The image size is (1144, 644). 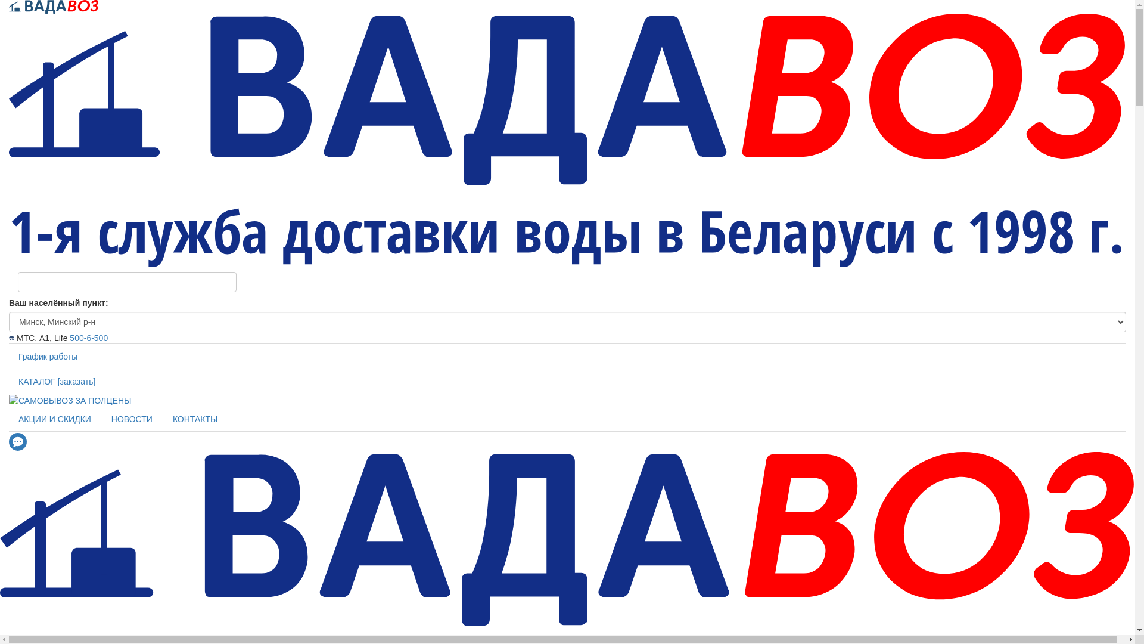 I want to click on '500-6-500', so click(x=69, y=338).